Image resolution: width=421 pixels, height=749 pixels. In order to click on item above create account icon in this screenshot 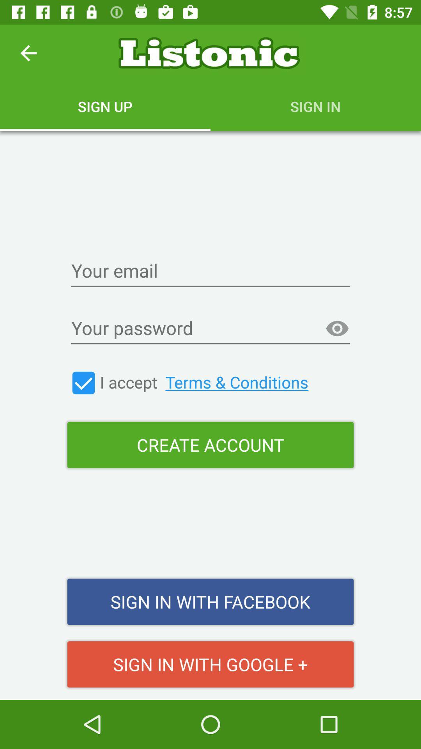, I will do `click(206, 382)`.